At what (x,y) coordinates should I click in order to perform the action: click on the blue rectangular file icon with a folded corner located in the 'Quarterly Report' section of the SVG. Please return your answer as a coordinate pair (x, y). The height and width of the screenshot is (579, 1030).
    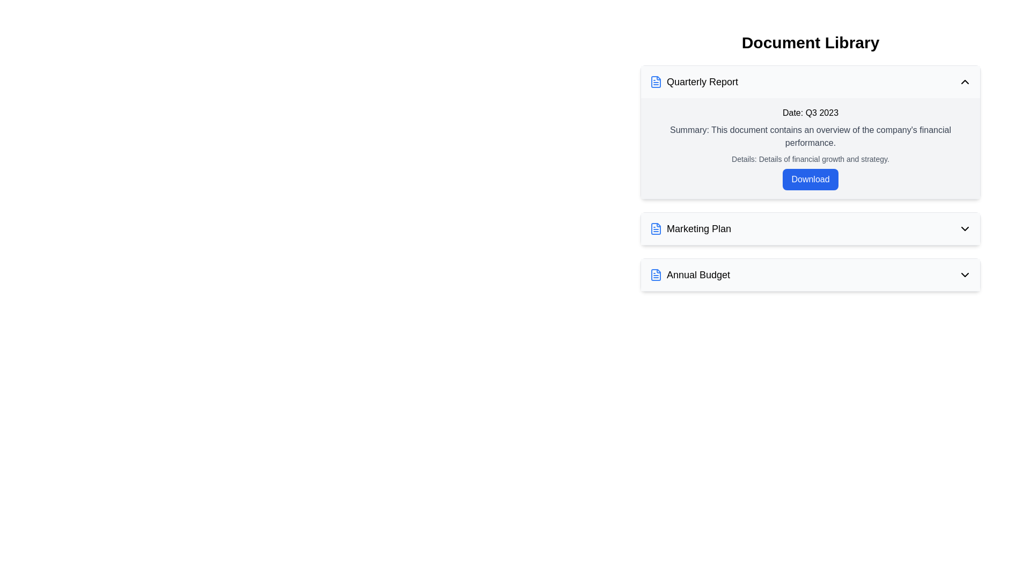
    Looking at the image, I should click on (656, 81).